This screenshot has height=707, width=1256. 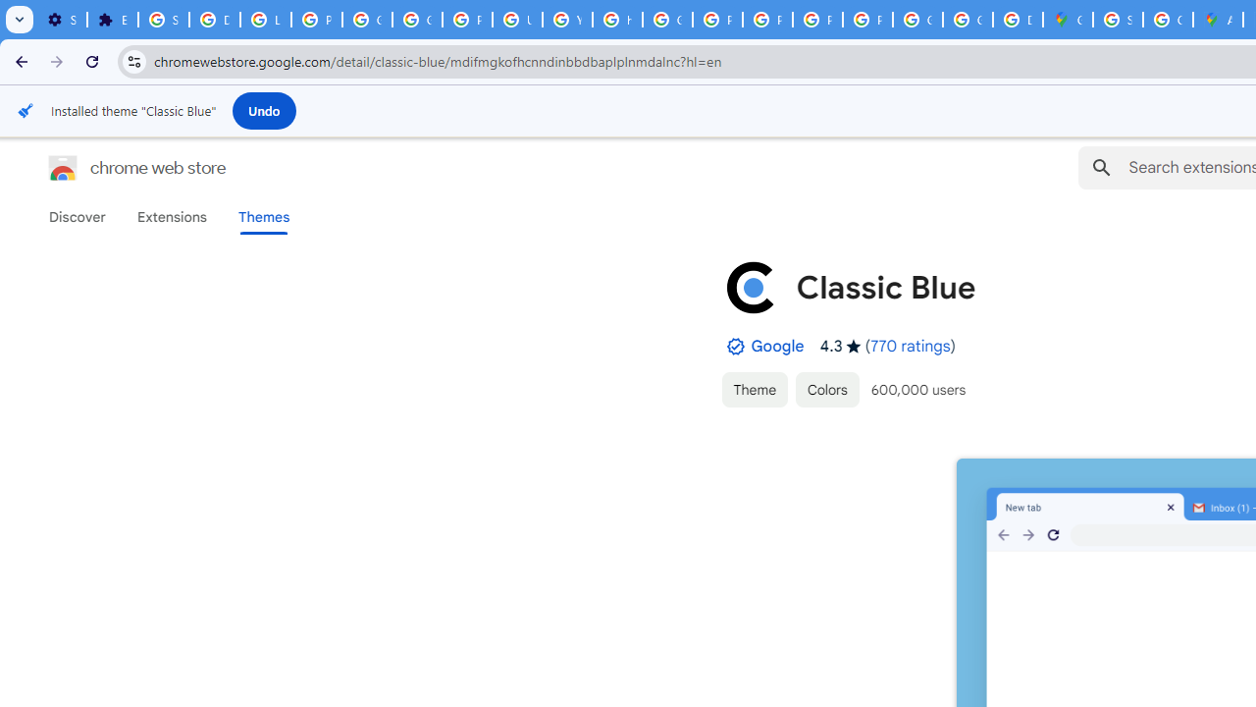 I want to click on 'Chrome Web Store logo chrome web store', so click(x=116, y=167).